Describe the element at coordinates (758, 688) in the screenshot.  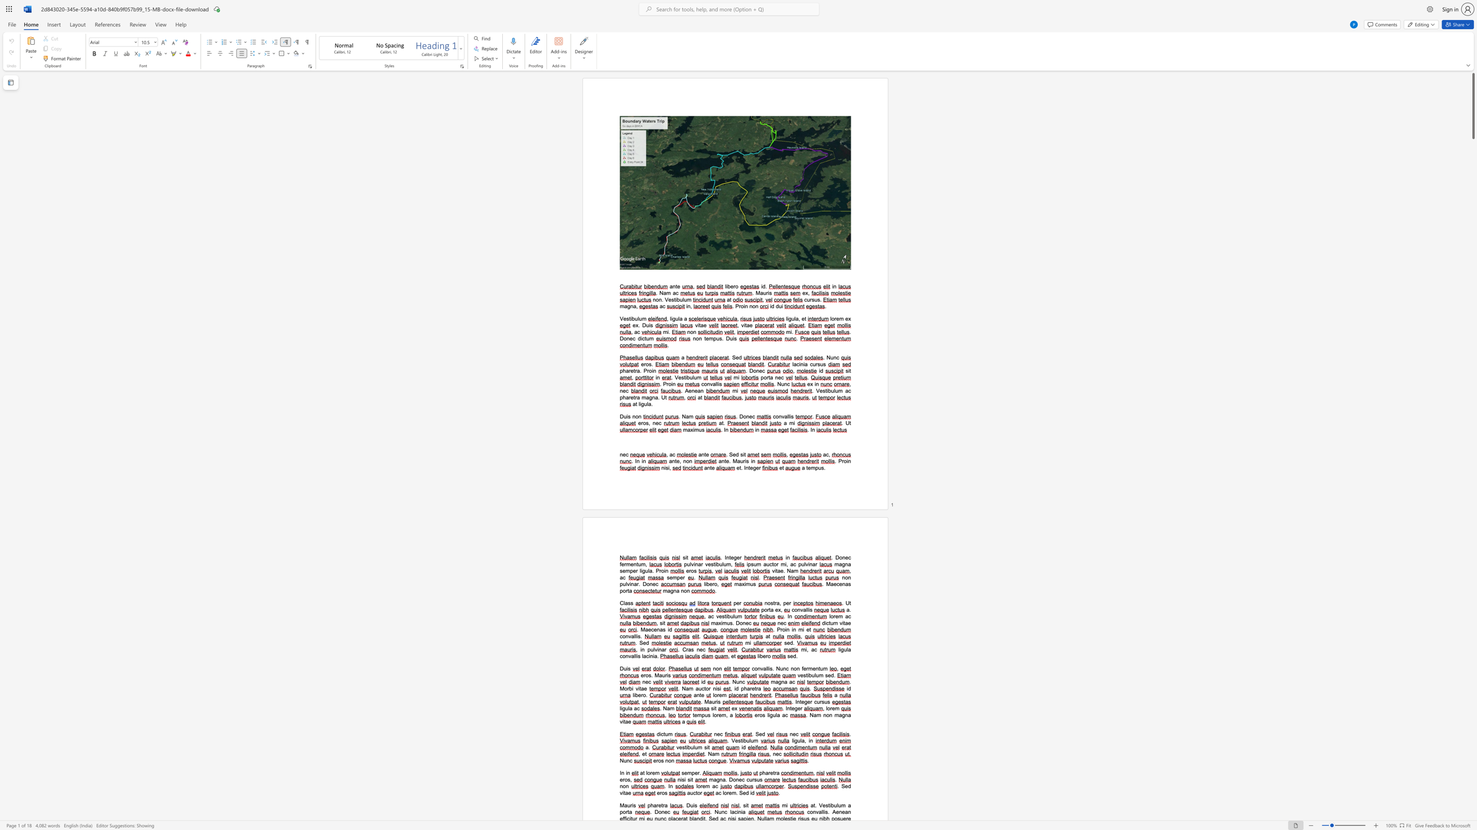
I see `the space between the continuous character "r" and "a" in the text` at that location.